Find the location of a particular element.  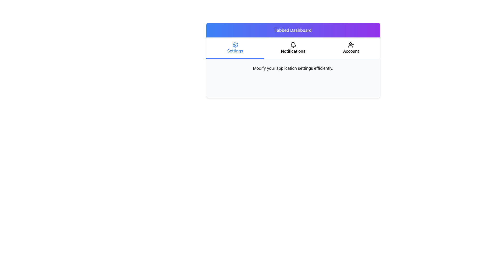

the Text Label indicating 'Tabbed Dashboard', which is centered in the gradient-colored header above the tabs is located at coordinates (293, 30).